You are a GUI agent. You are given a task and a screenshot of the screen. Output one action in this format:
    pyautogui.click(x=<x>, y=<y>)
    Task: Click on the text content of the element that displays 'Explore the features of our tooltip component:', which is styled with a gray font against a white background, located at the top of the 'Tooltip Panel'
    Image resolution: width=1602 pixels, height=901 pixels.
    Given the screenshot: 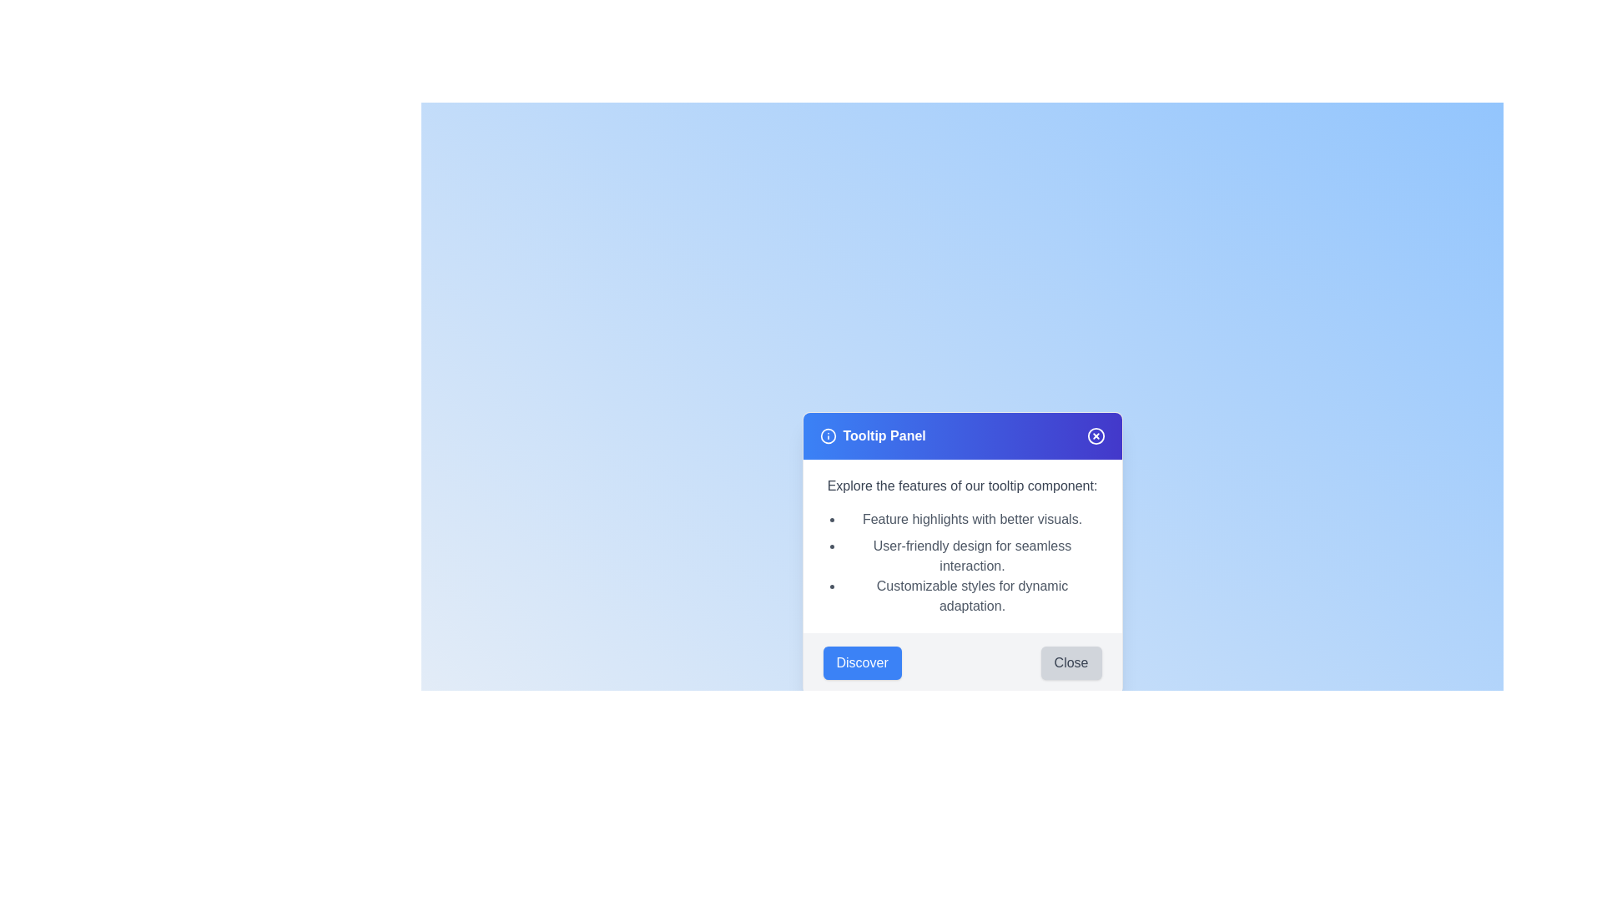 What is the action you would take?
    pyautogui.click(x=962, y=486)
    